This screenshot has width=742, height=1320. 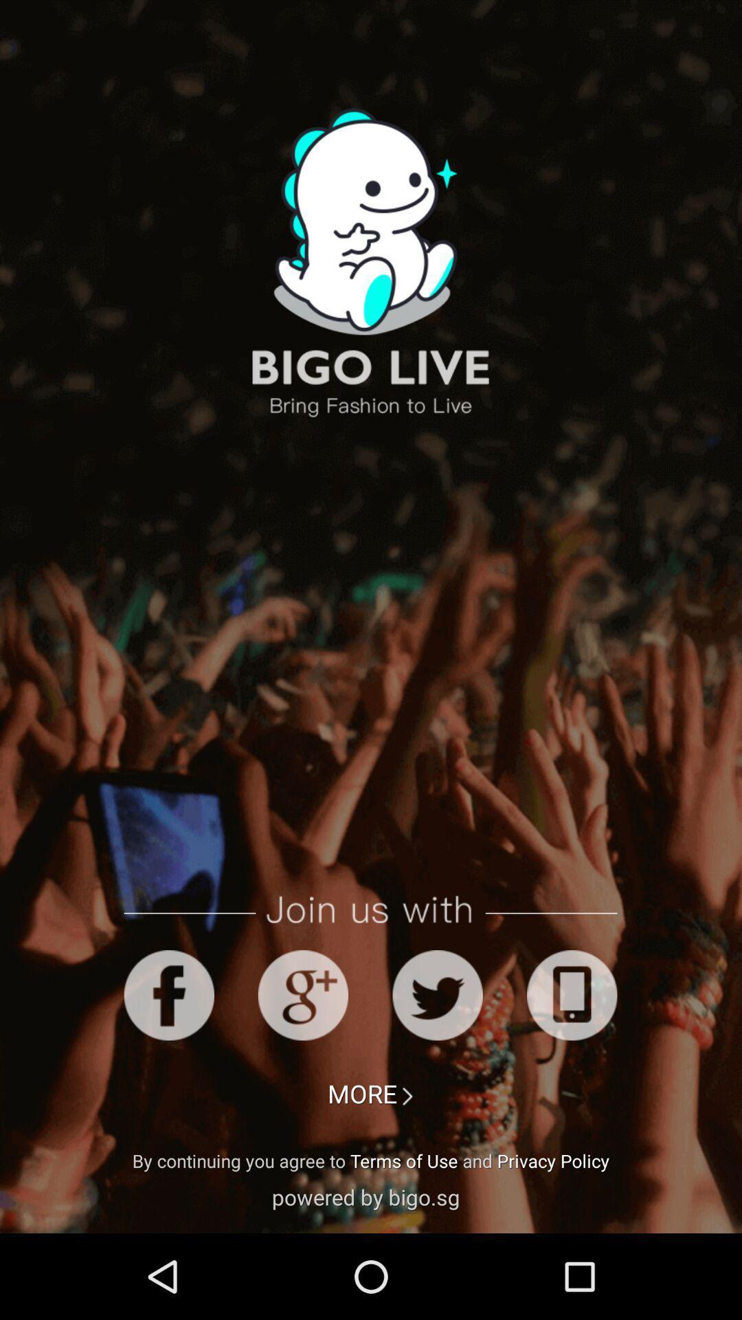 I want to click on share via facebook, so click(x=168, y=995).